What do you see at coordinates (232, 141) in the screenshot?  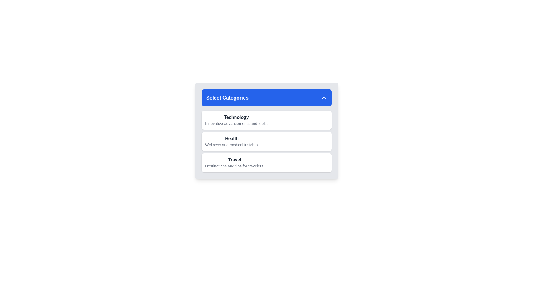 I see `text from the 'Health' label which includes the title in bold 'Health' and the description 'Wellness and medical insights.'` at bounding box center [232, 141].